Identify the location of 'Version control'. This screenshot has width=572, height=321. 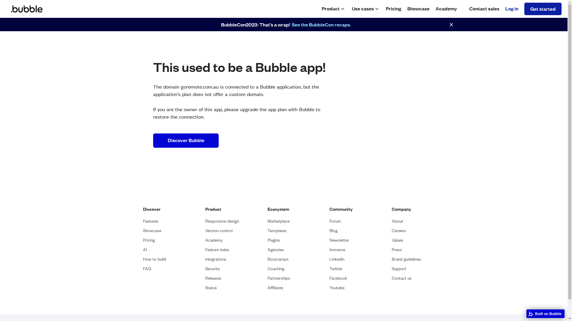
(218, 230).